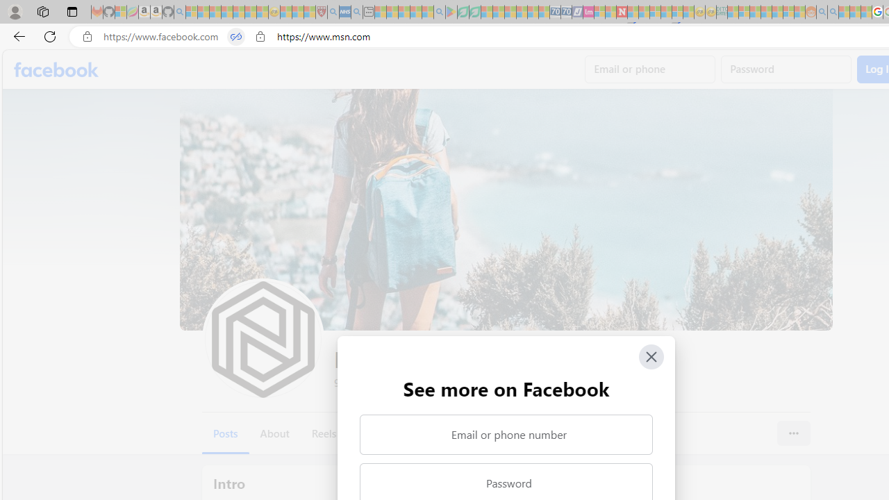 The width and height of the screenshot is (889, 500). Describe the element at coordinates (438, 12) in the screenshot. I see `'google - Search - Sleeping'` at that location.